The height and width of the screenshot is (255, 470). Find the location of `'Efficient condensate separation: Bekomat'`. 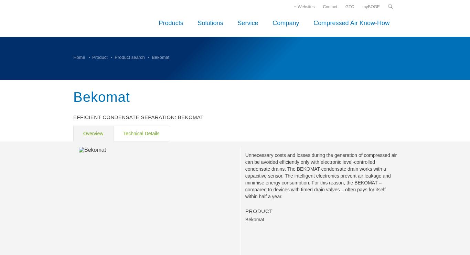

'Efficient condensate separation: Bekomat' is located at coordinates (138, 117).